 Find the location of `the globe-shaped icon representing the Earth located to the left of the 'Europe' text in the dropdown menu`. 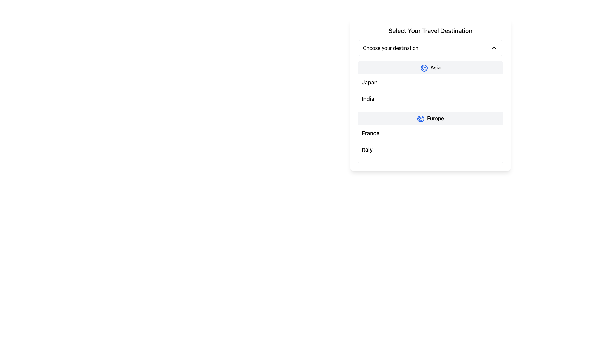

the globe-shaped icon representing the Earth located to the left of the 'Europe' text in the dropdown menu is located at coordinates (421, 119).